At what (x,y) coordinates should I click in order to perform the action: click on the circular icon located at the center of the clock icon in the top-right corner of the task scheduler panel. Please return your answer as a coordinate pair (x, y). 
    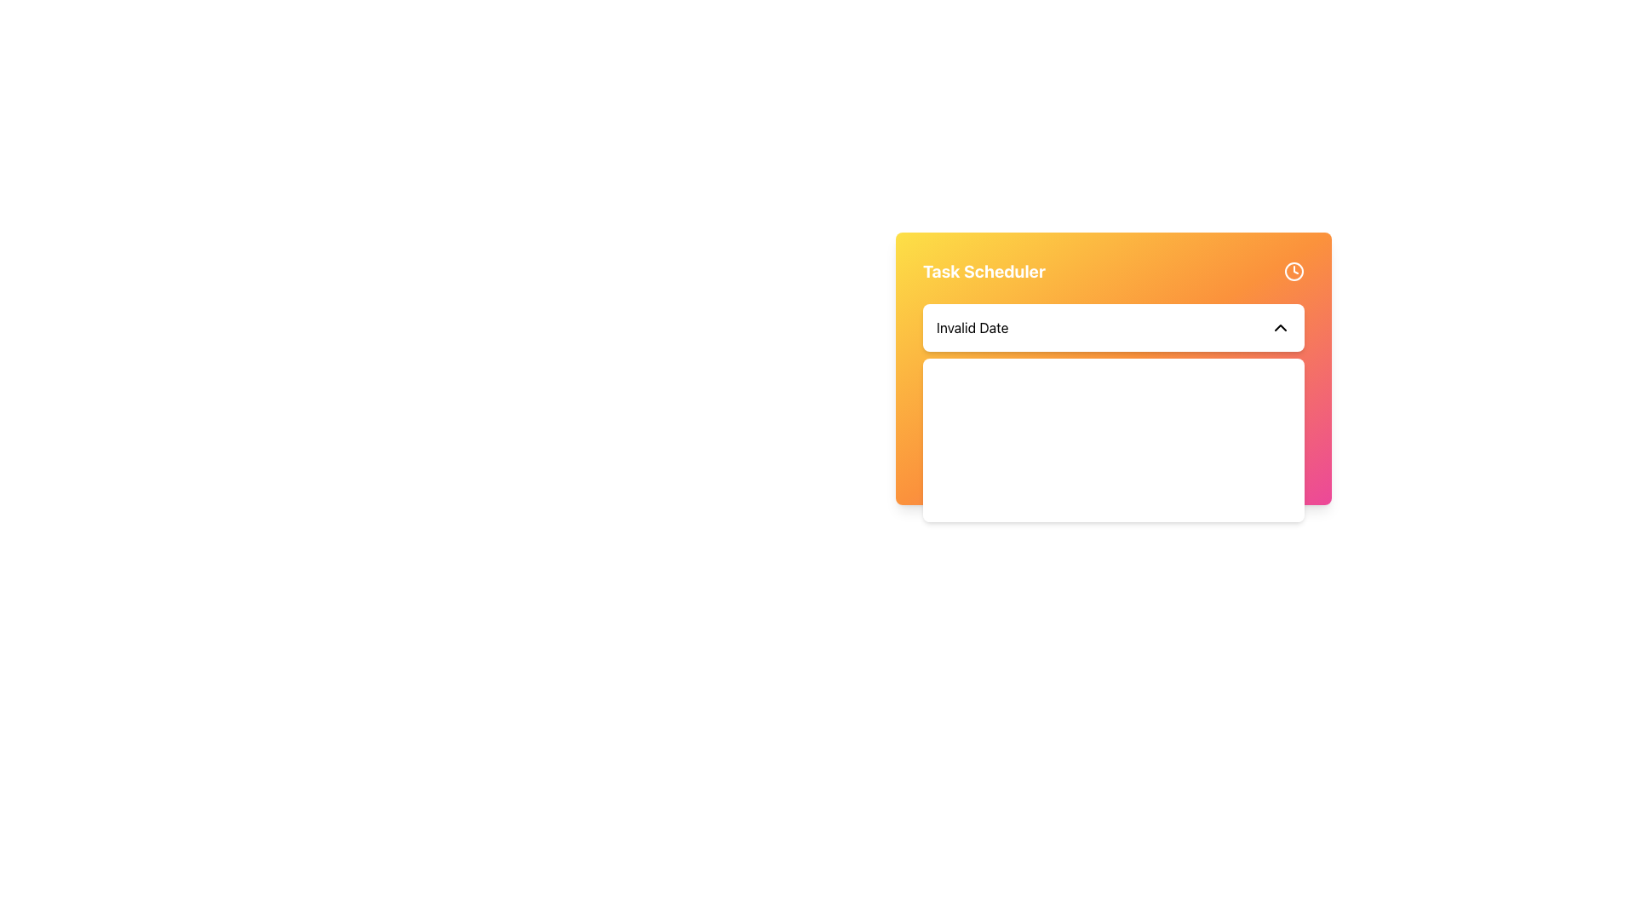
    Looking at the image, I should click on (1294, 271).